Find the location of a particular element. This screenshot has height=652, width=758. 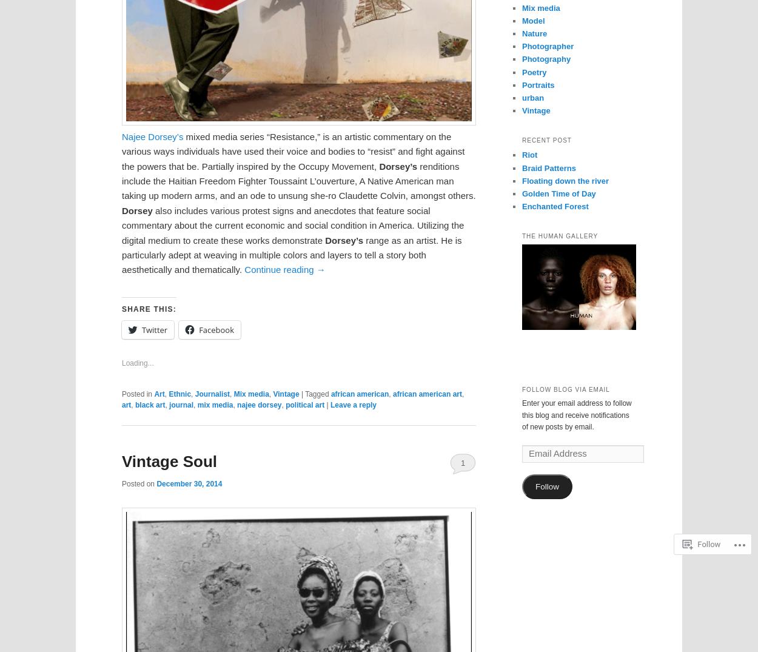

'Recent post' is located at coordinates (546, 139).